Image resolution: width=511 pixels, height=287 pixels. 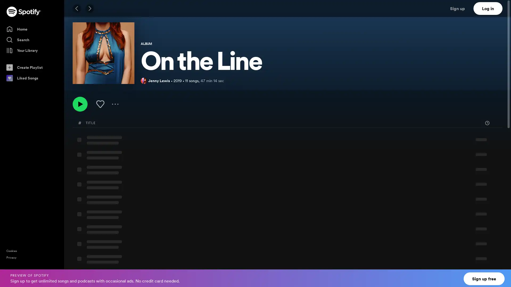 I want to click on Play Heads Gonna Roll by Jenny Lewis, so click(x=79, y=139).